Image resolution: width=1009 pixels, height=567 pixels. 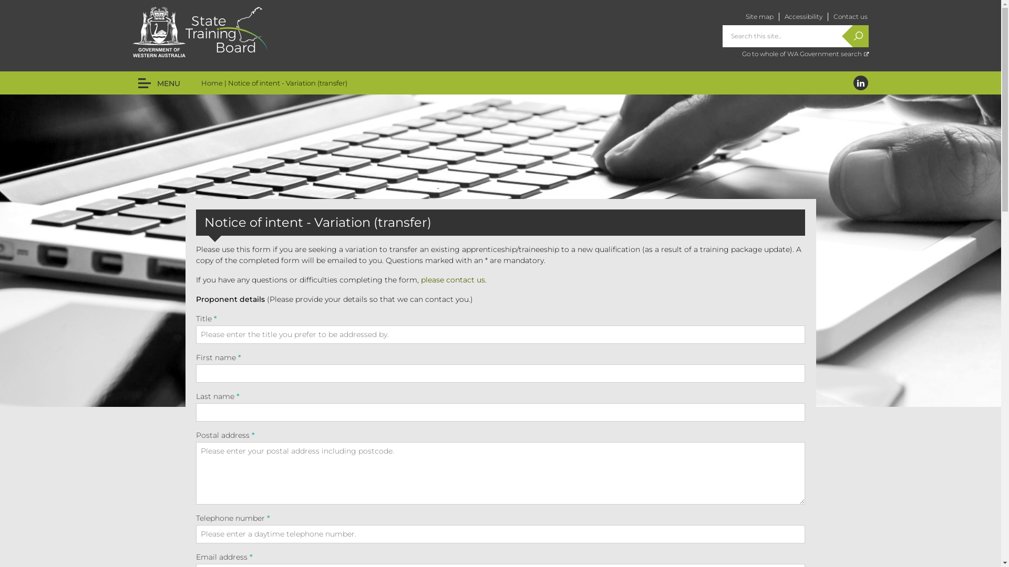 I want to click on 'LinkedIn', so click(x=860, y=82).